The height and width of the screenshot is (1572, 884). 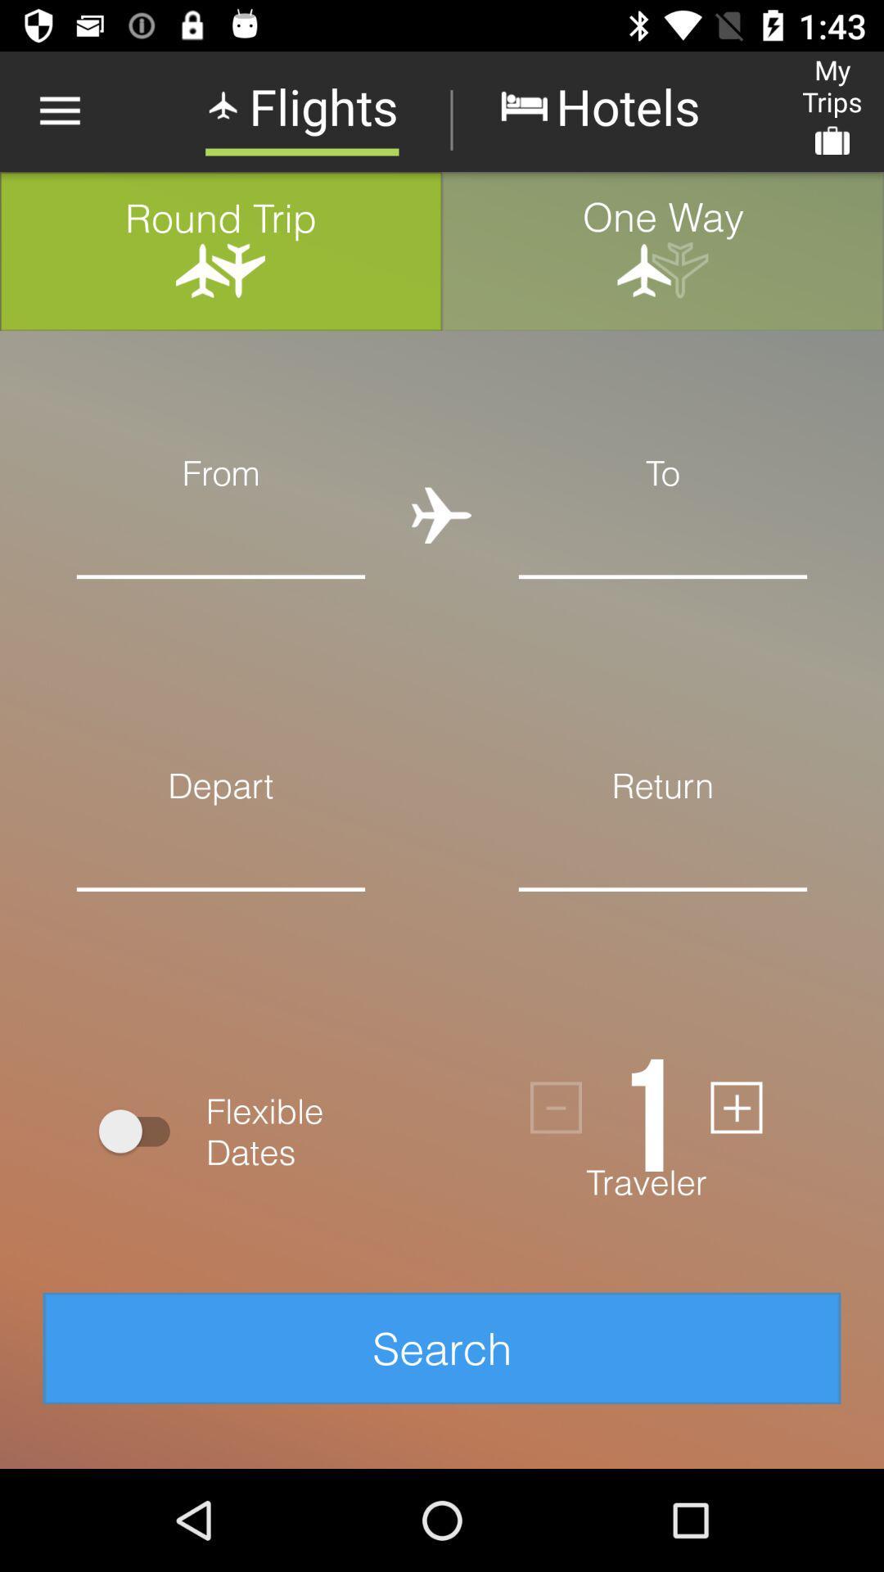 What do you see at coordinates (141, 1130) in the screenshot?
I see `flexible dates` at bounding box center [141, 1130].